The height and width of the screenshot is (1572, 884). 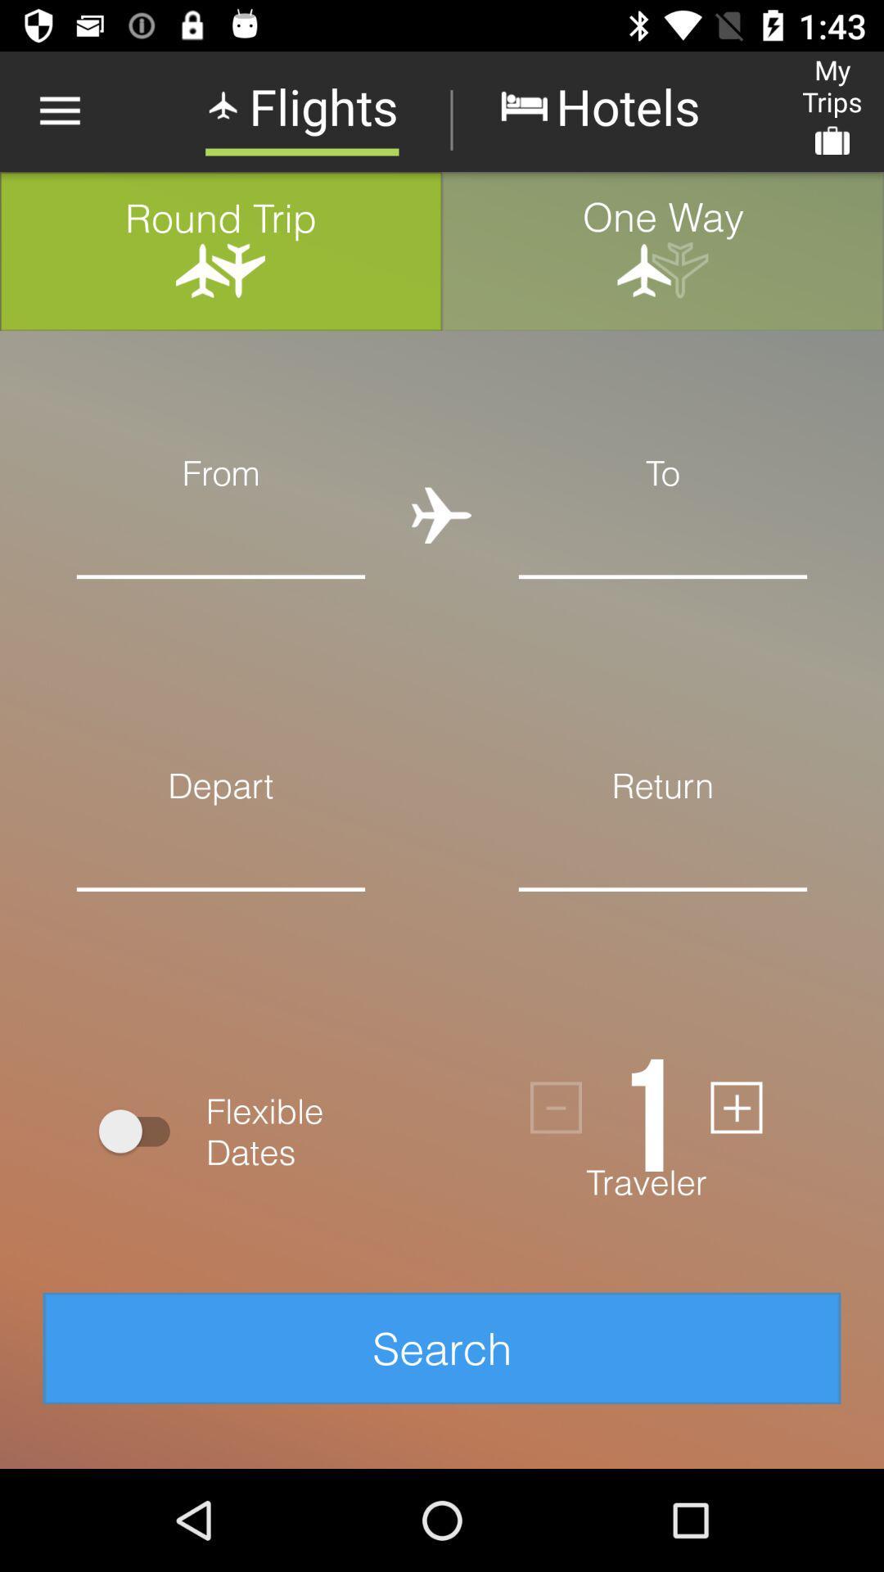 What do you see at coordinates (141, 1130) in the screenshot?
I see `flexible dates` at bounding box center [141, 1130].